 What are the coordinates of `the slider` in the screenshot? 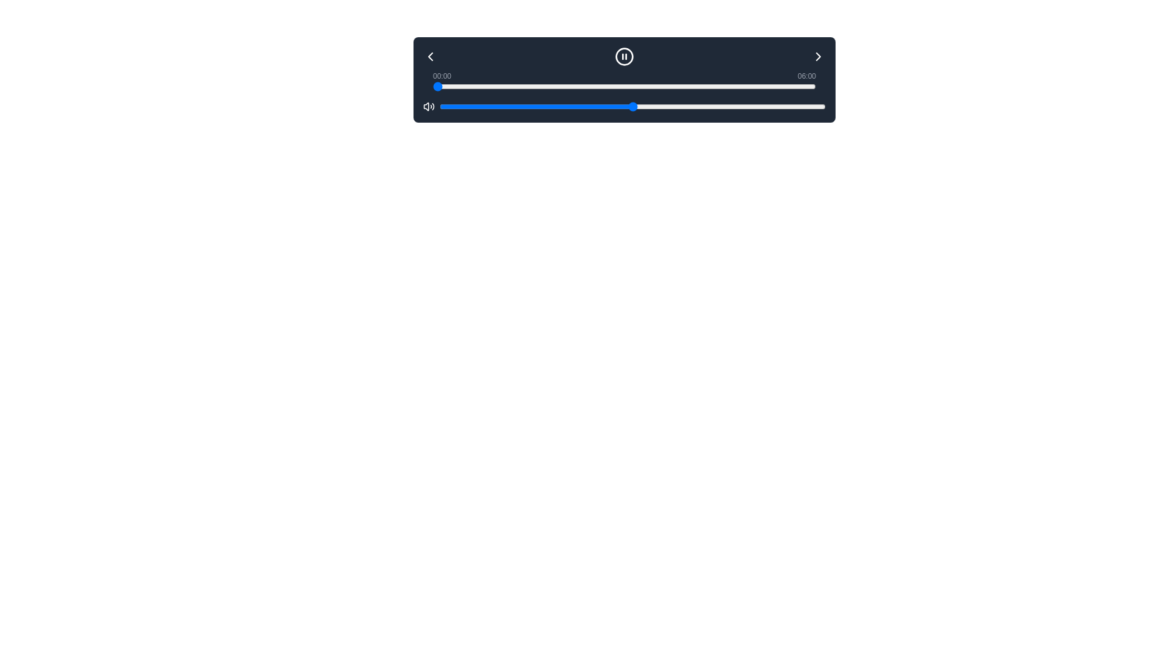 It's located at (706, 106).